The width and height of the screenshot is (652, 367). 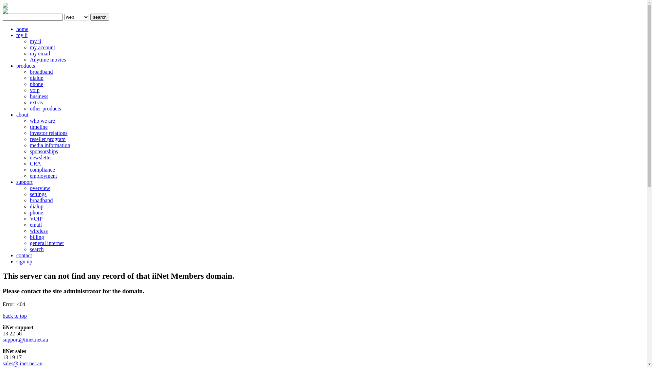 What do you see at coordinates (29, 188) in the screenshot?
I see `'overview'` at bounding box center [29, 188].